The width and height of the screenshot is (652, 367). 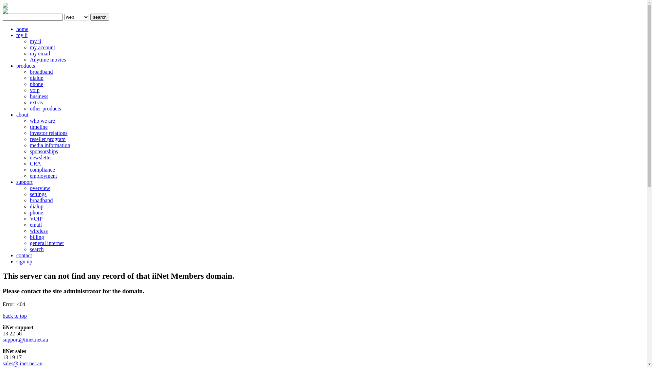 What do you see at coordinates (29, 188) in the screenshot?
I see `'overview'` at bounding box center [29, 188].